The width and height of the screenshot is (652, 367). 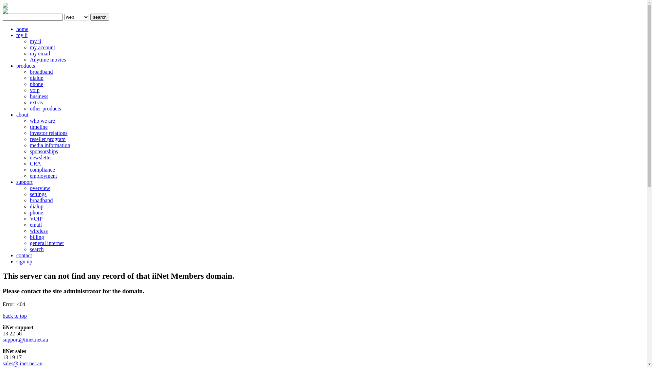 What do you see at coordinates (29, 188) in the screenshot?
I see `'overview'` at bounding box center [29, 188].